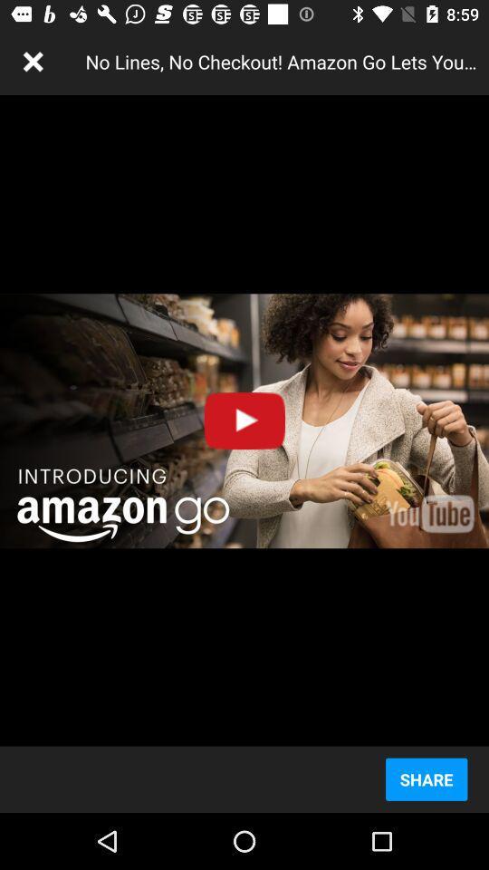  Describe the element at coordinates (427, 778) in the screenshot. I see `the share icon` at that location.